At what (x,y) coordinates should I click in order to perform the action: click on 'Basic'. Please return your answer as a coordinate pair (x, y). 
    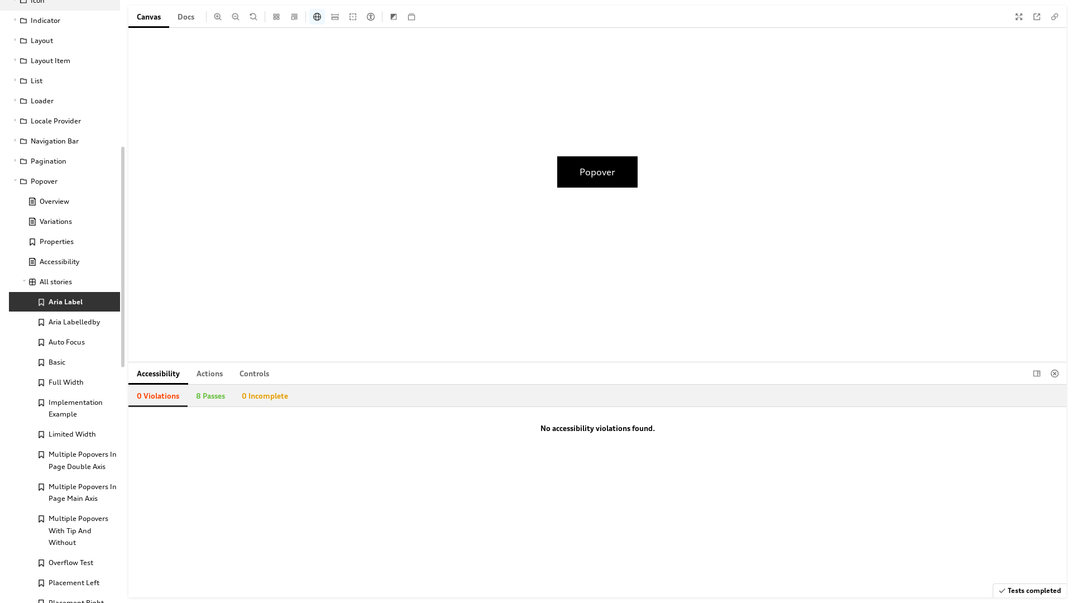
    Looking at the image, I should click on (64, 362).